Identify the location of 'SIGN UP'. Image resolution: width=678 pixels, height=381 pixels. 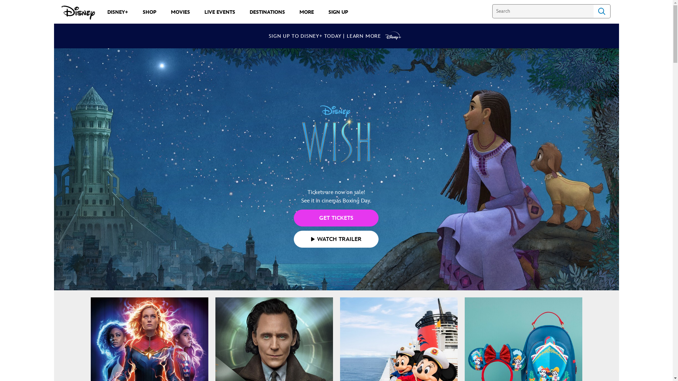
(323, 12).